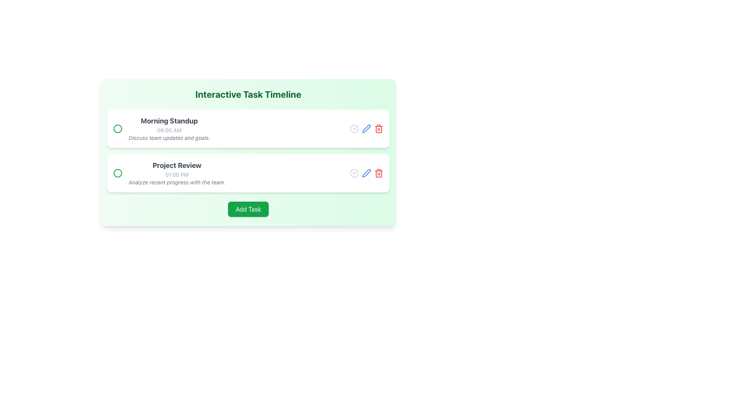  I want to click on the task management interface, so click(248, 152).